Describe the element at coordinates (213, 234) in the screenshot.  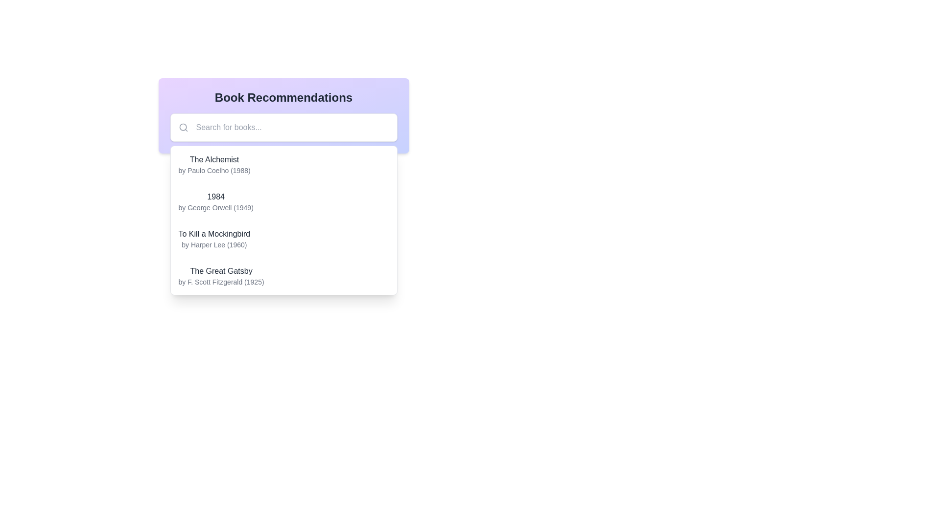
I see `the static text element displaying the title 'To Kill a Mockingbird' in the list of recommended books` at that location.